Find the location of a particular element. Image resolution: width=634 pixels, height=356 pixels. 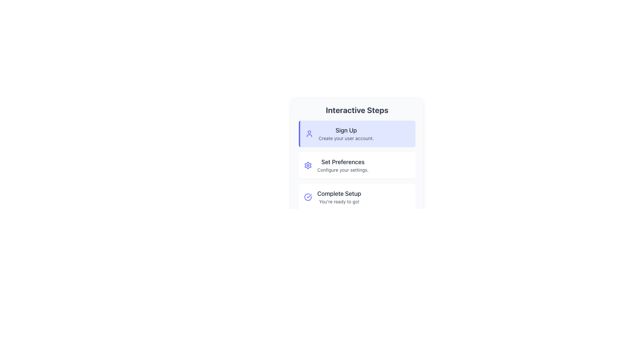

the prominent title text label that introduces the configuration options for user preferences, located centrally in the panel under 'Interactive Steps' is located at coordinates (343, 162).